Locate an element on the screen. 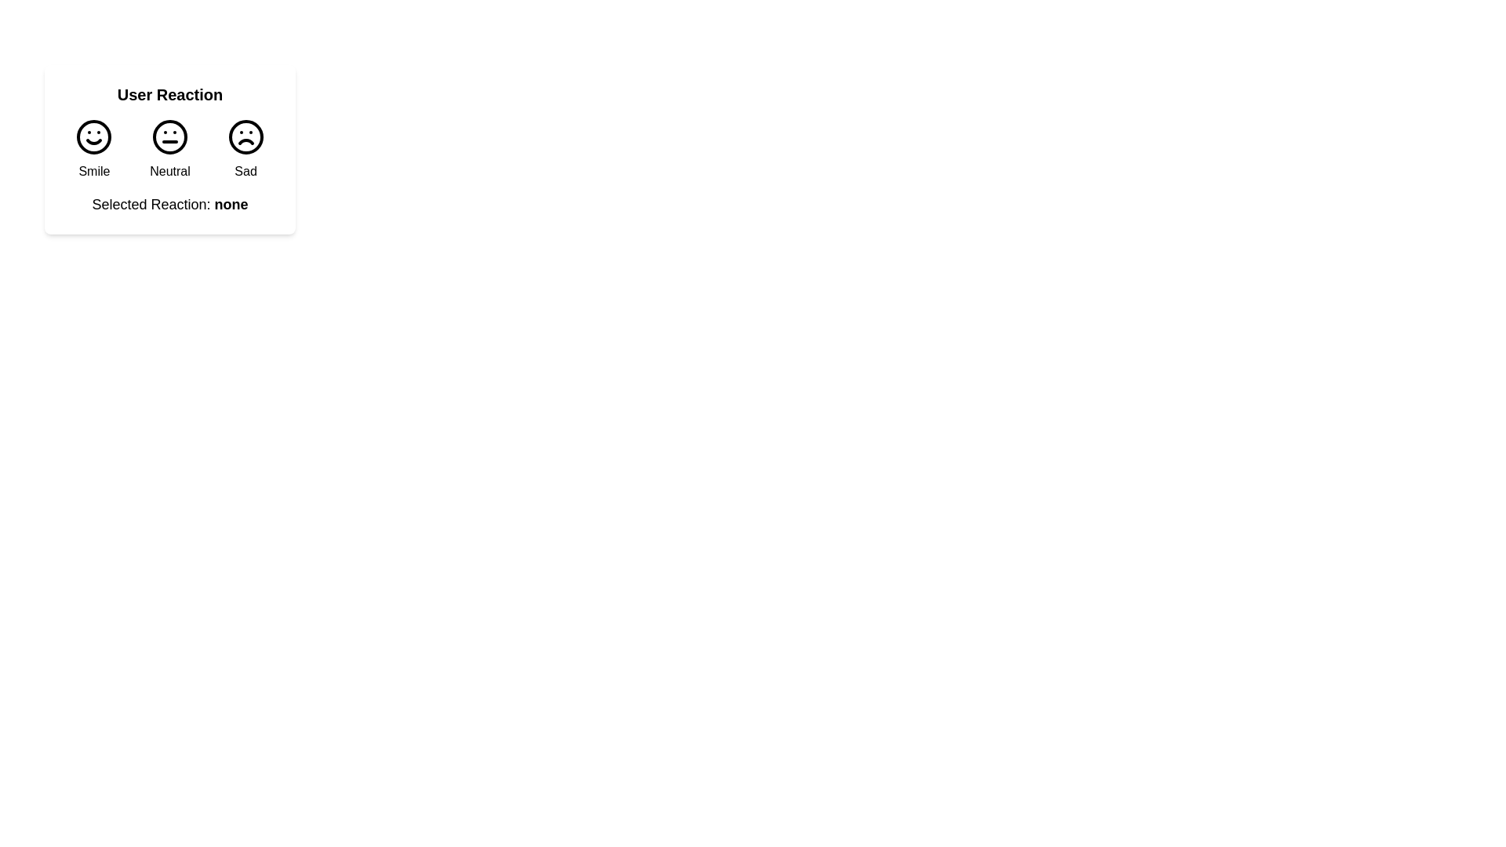 The width and height of the screenshot is (1506, 847). the 'Smile' button is located at coordinates (93, 150).